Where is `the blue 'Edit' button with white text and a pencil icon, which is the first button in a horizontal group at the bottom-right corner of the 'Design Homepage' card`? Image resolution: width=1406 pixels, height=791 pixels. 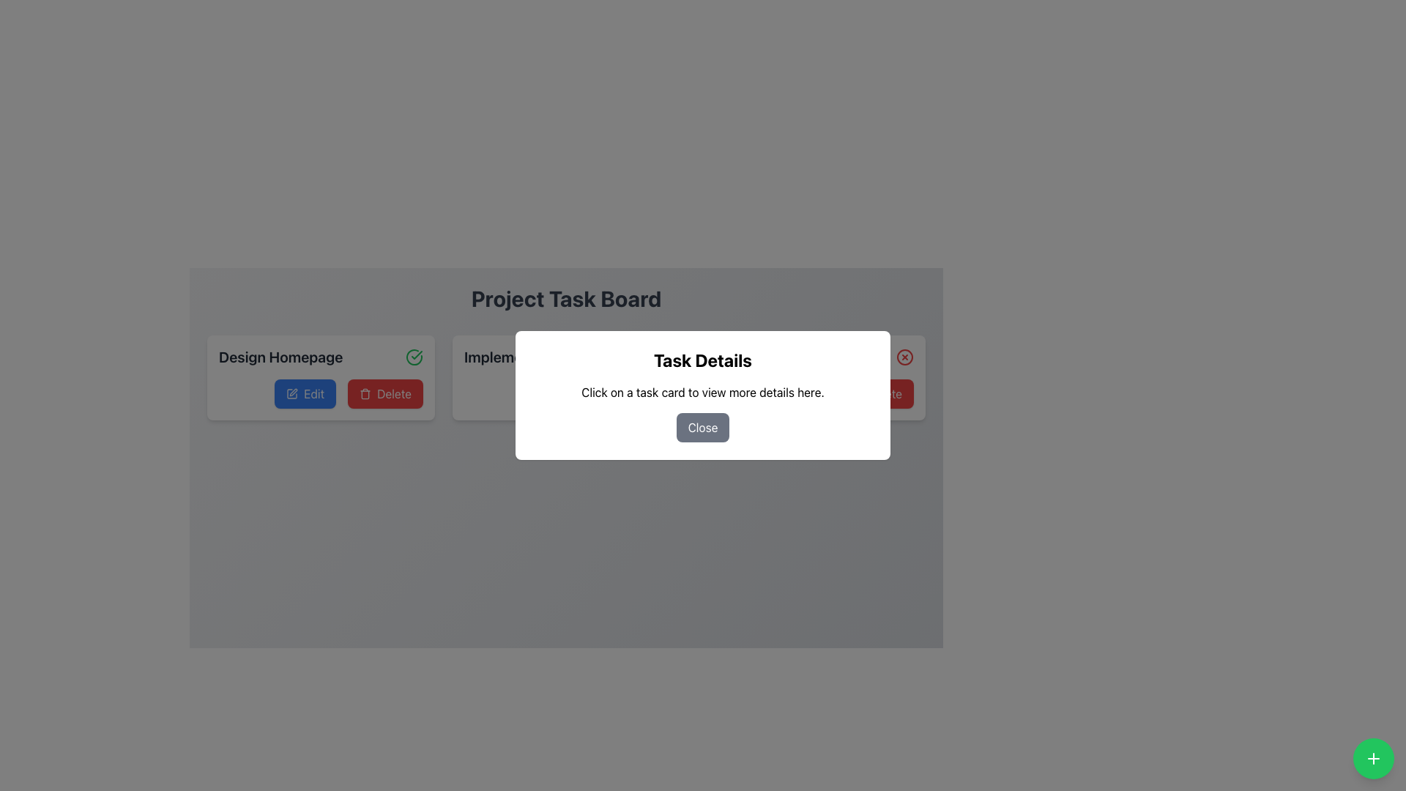
the blue 'Edit' button with white text and a pencil icon, which is the first button in a horizontal group at the bottom-right corner of the 'Design Homepage' card is located at coordinates (320, 393).